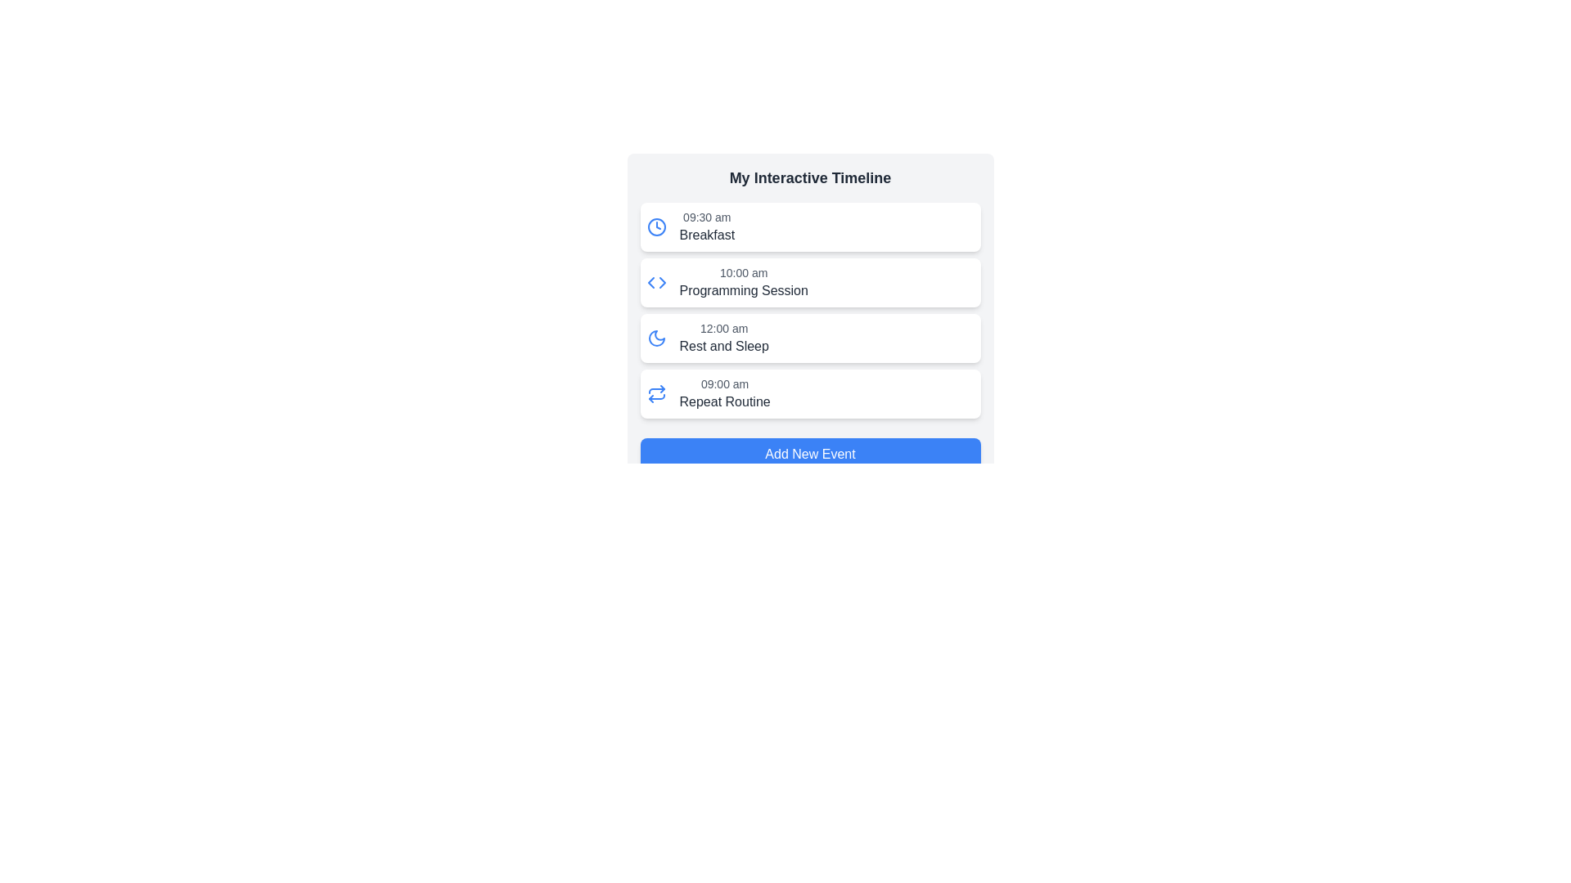 This screenshot has width=1571, height=883. I want to click on the 'Rest and Sleep' timeline item, which displays '12:00 am', so click(810, 318).